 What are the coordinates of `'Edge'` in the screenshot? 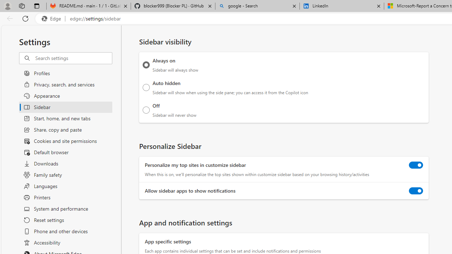 It's located at (53, 18).